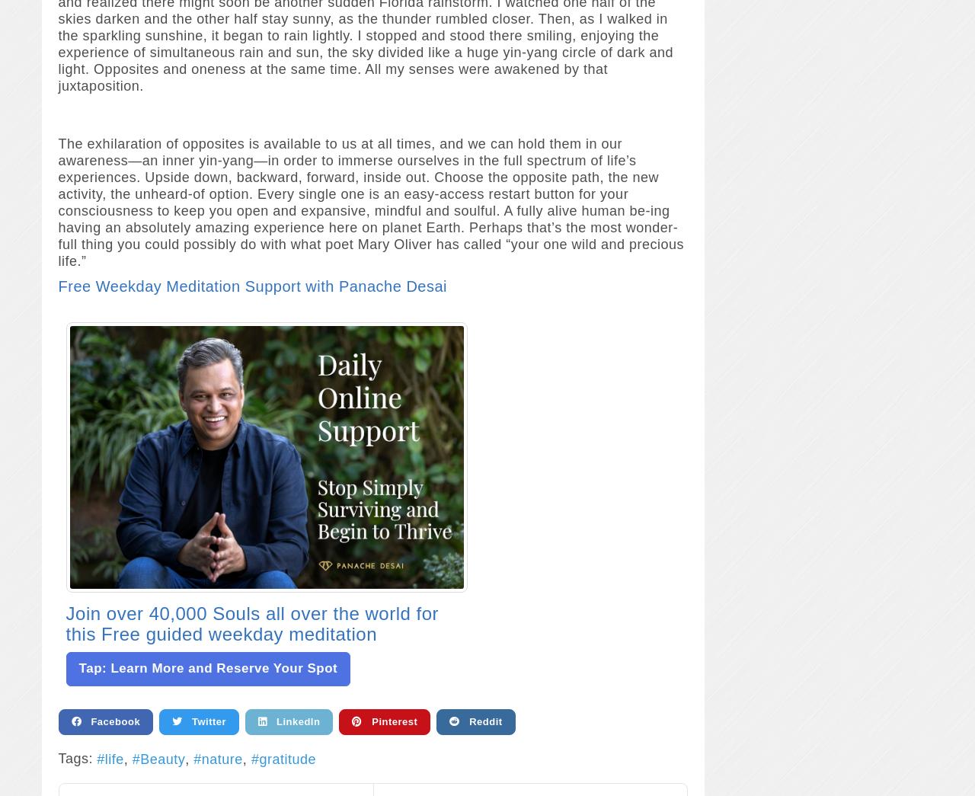 This screenshot has width=975, height=796. What do you see at coordinates (220, 759) in the screenshot?
I see `'nature'` at bounding box center [220, 759].